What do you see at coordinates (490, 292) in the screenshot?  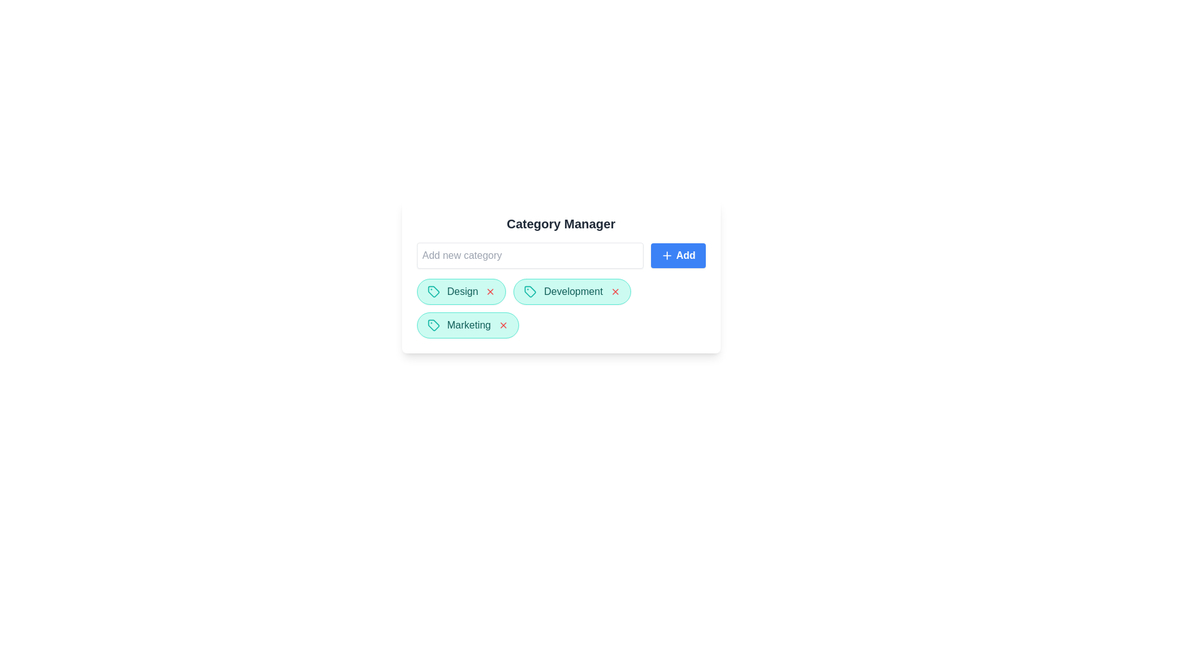 I see `'X' button on the category chip labeled 'Design'` at bounding box center [490, 292].